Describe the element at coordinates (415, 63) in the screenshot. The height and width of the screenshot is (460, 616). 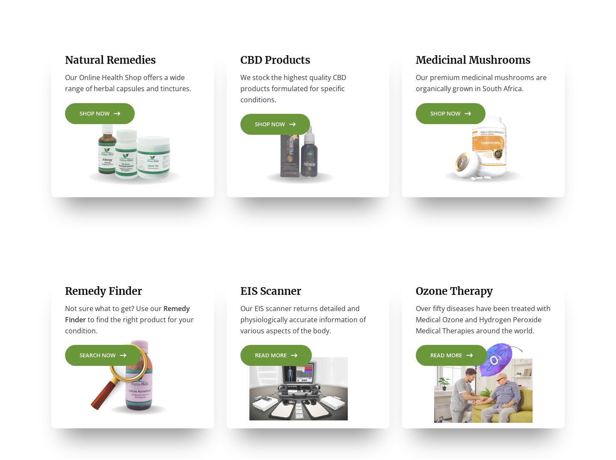
I see `'Medicinal Mushrooms'` at that location.